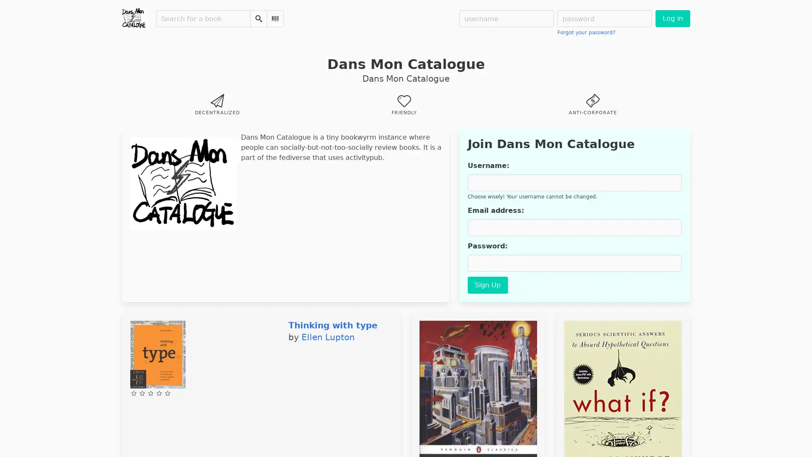  Describe the element at coordinates (487, 285) in the screenshot. I see `Sign Up` at that location.